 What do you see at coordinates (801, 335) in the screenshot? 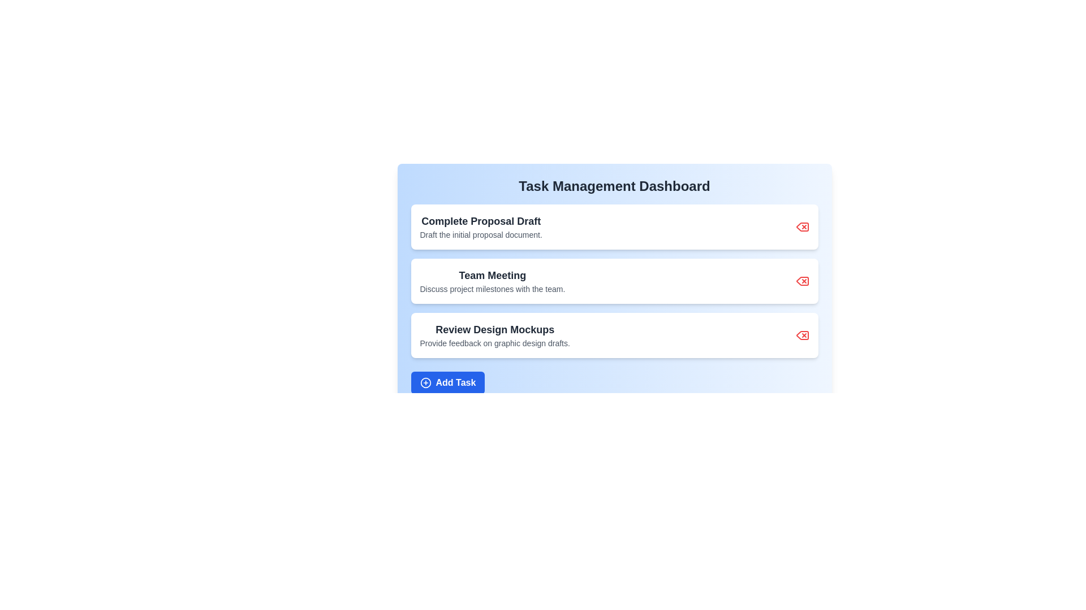
I see `delete button for the task with title 'Review Design Mockups'` at bounding box center [801, 335].